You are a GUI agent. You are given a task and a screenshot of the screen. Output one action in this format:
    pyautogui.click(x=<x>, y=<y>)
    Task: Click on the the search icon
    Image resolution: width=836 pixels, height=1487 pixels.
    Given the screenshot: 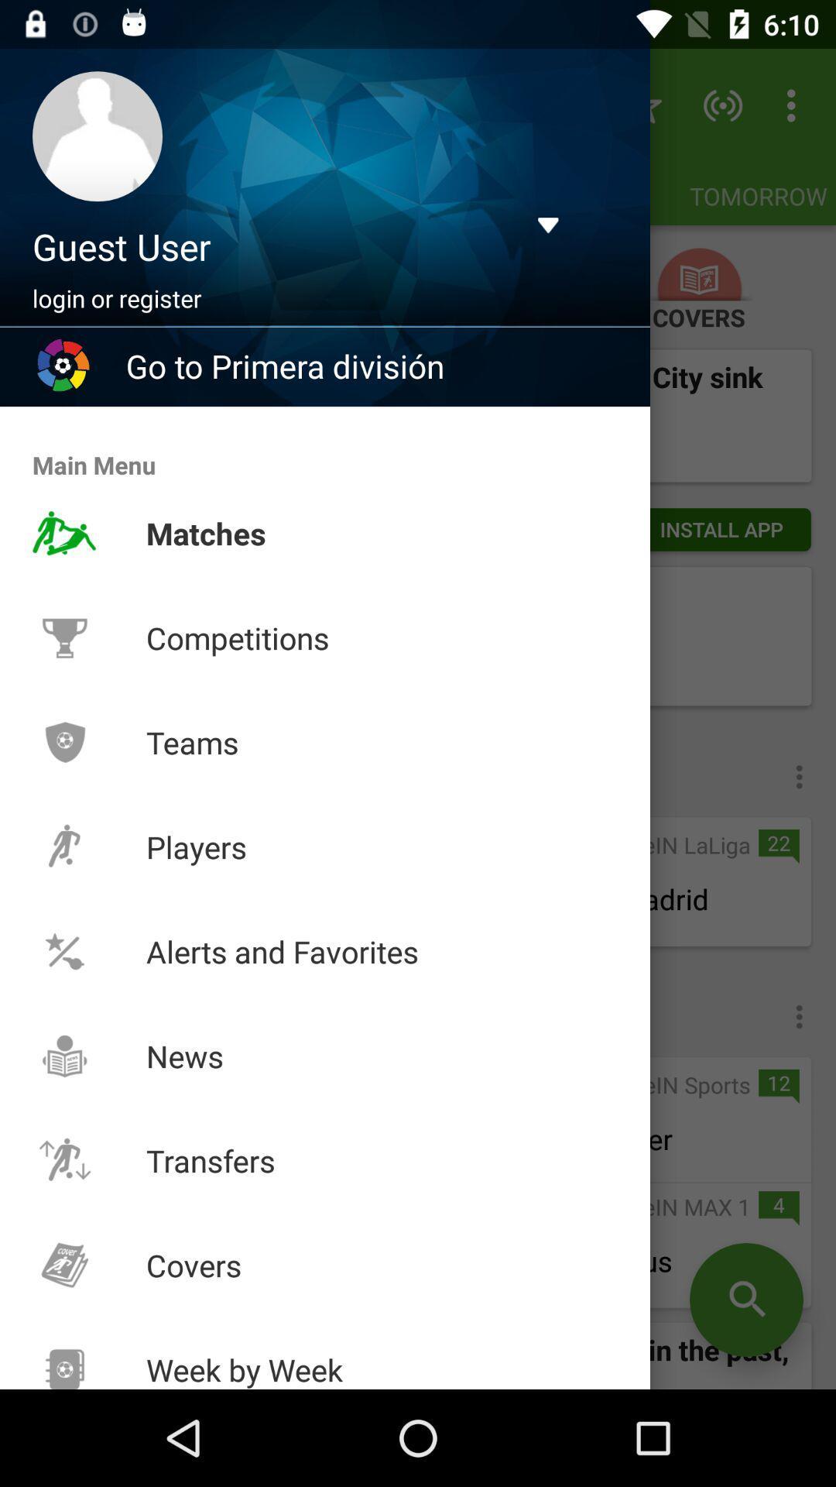 What is the action you would take?
    pyautogui.click(x=745, y=1300)
    